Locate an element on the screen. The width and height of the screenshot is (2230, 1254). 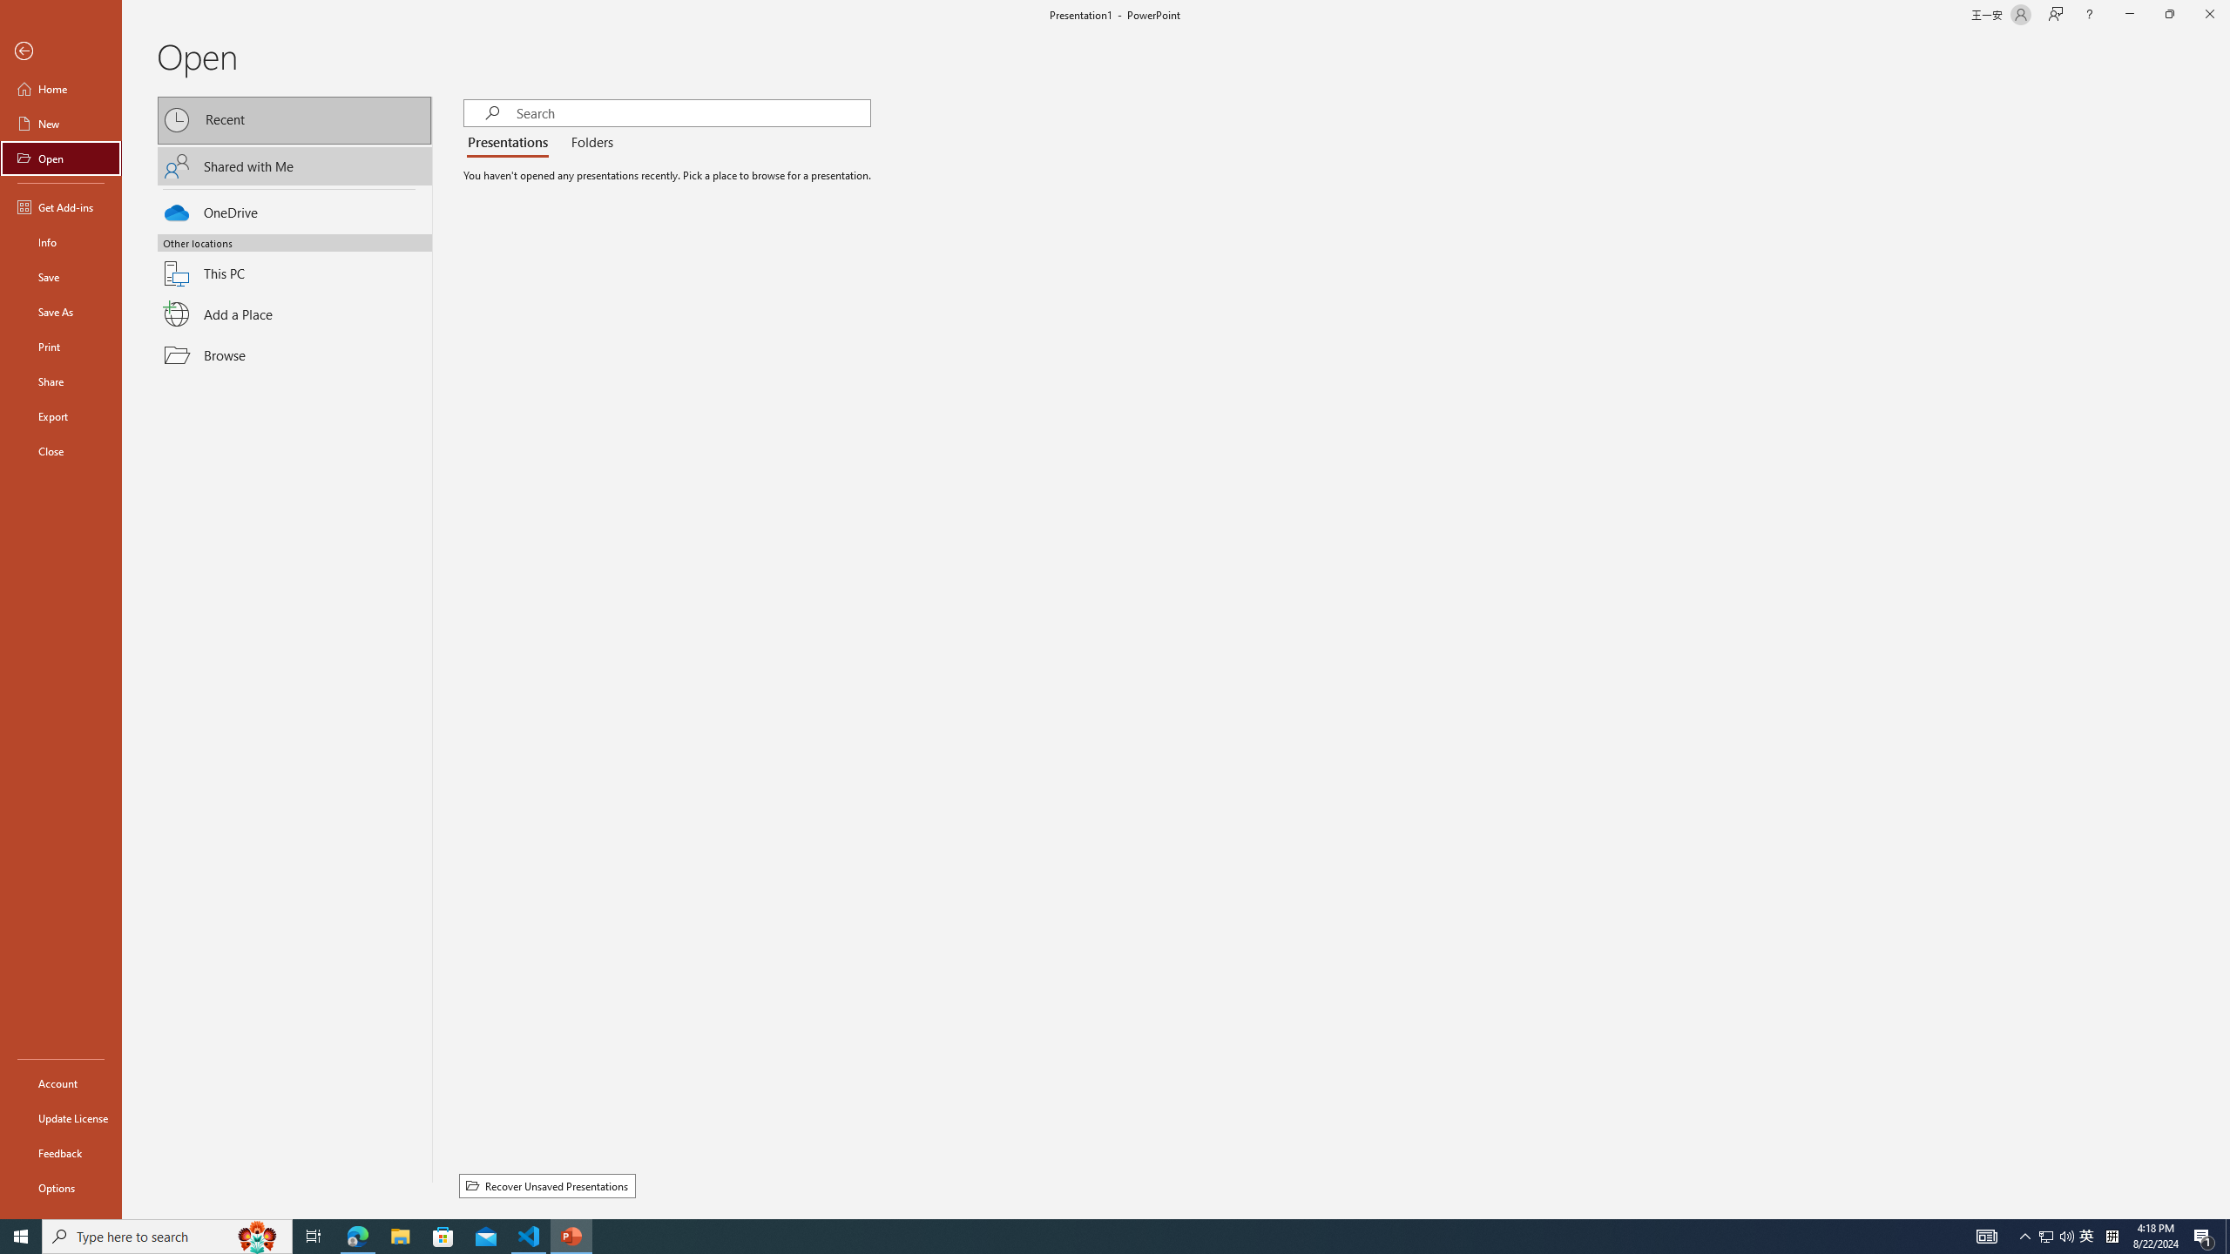
'Options' is located at coordinates (60, 1187).